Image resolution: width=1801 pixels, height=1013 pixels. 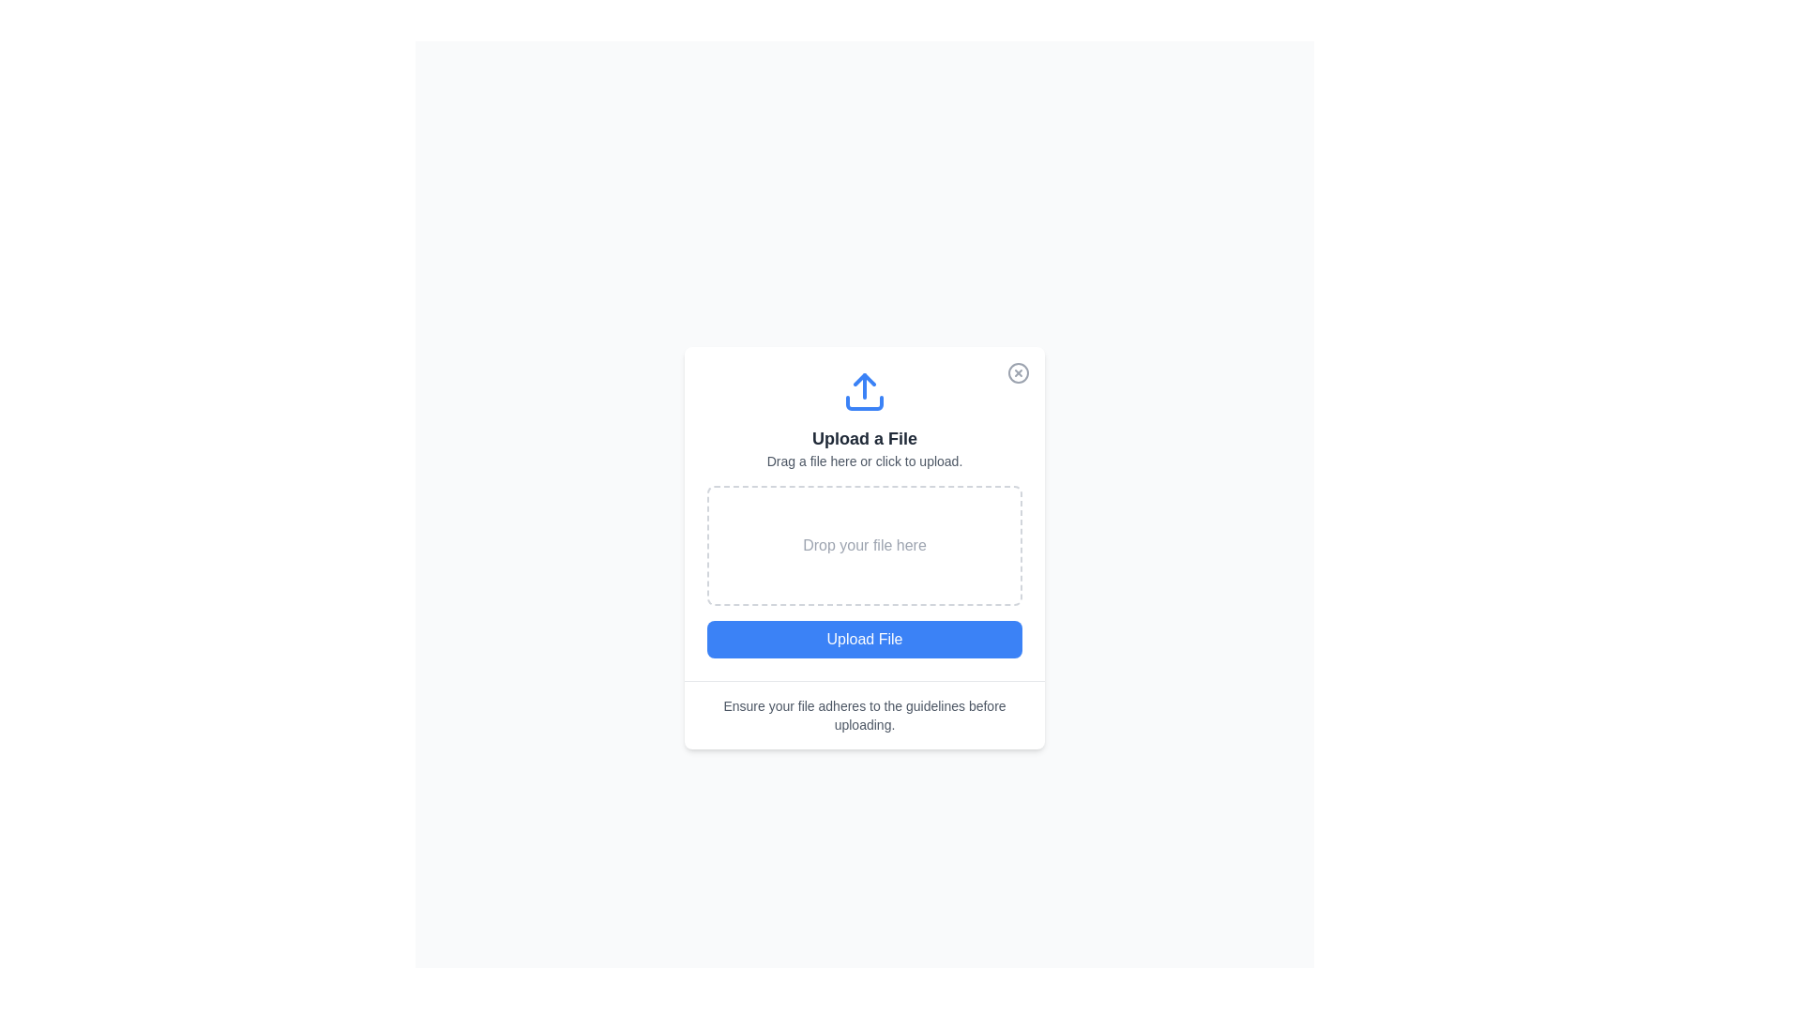 I want to click on the static text label that reads 'Drop your file here', which is styled in gray and is centered within a dashed border rectangle that serves as a drop zone for file uploads, so click(x=863, y=545).